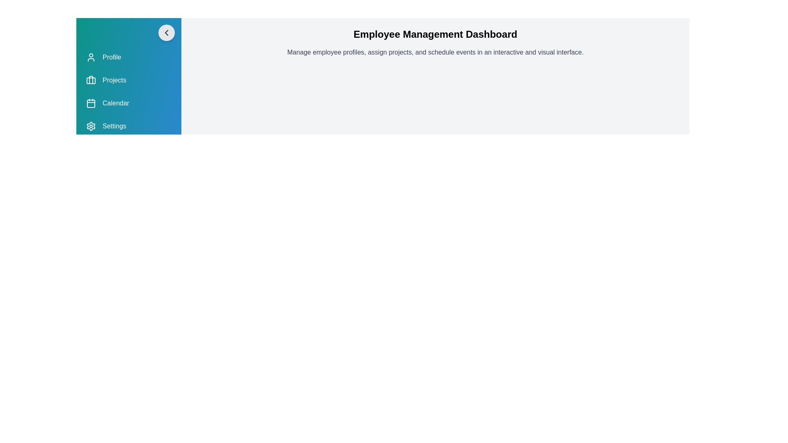 This screenshot has height=443, width=788. What do you see at coordinates (128, 103) in the screenshot?
I see `the navigation item Calendar from the drawer` at bounding box center [128, 103].